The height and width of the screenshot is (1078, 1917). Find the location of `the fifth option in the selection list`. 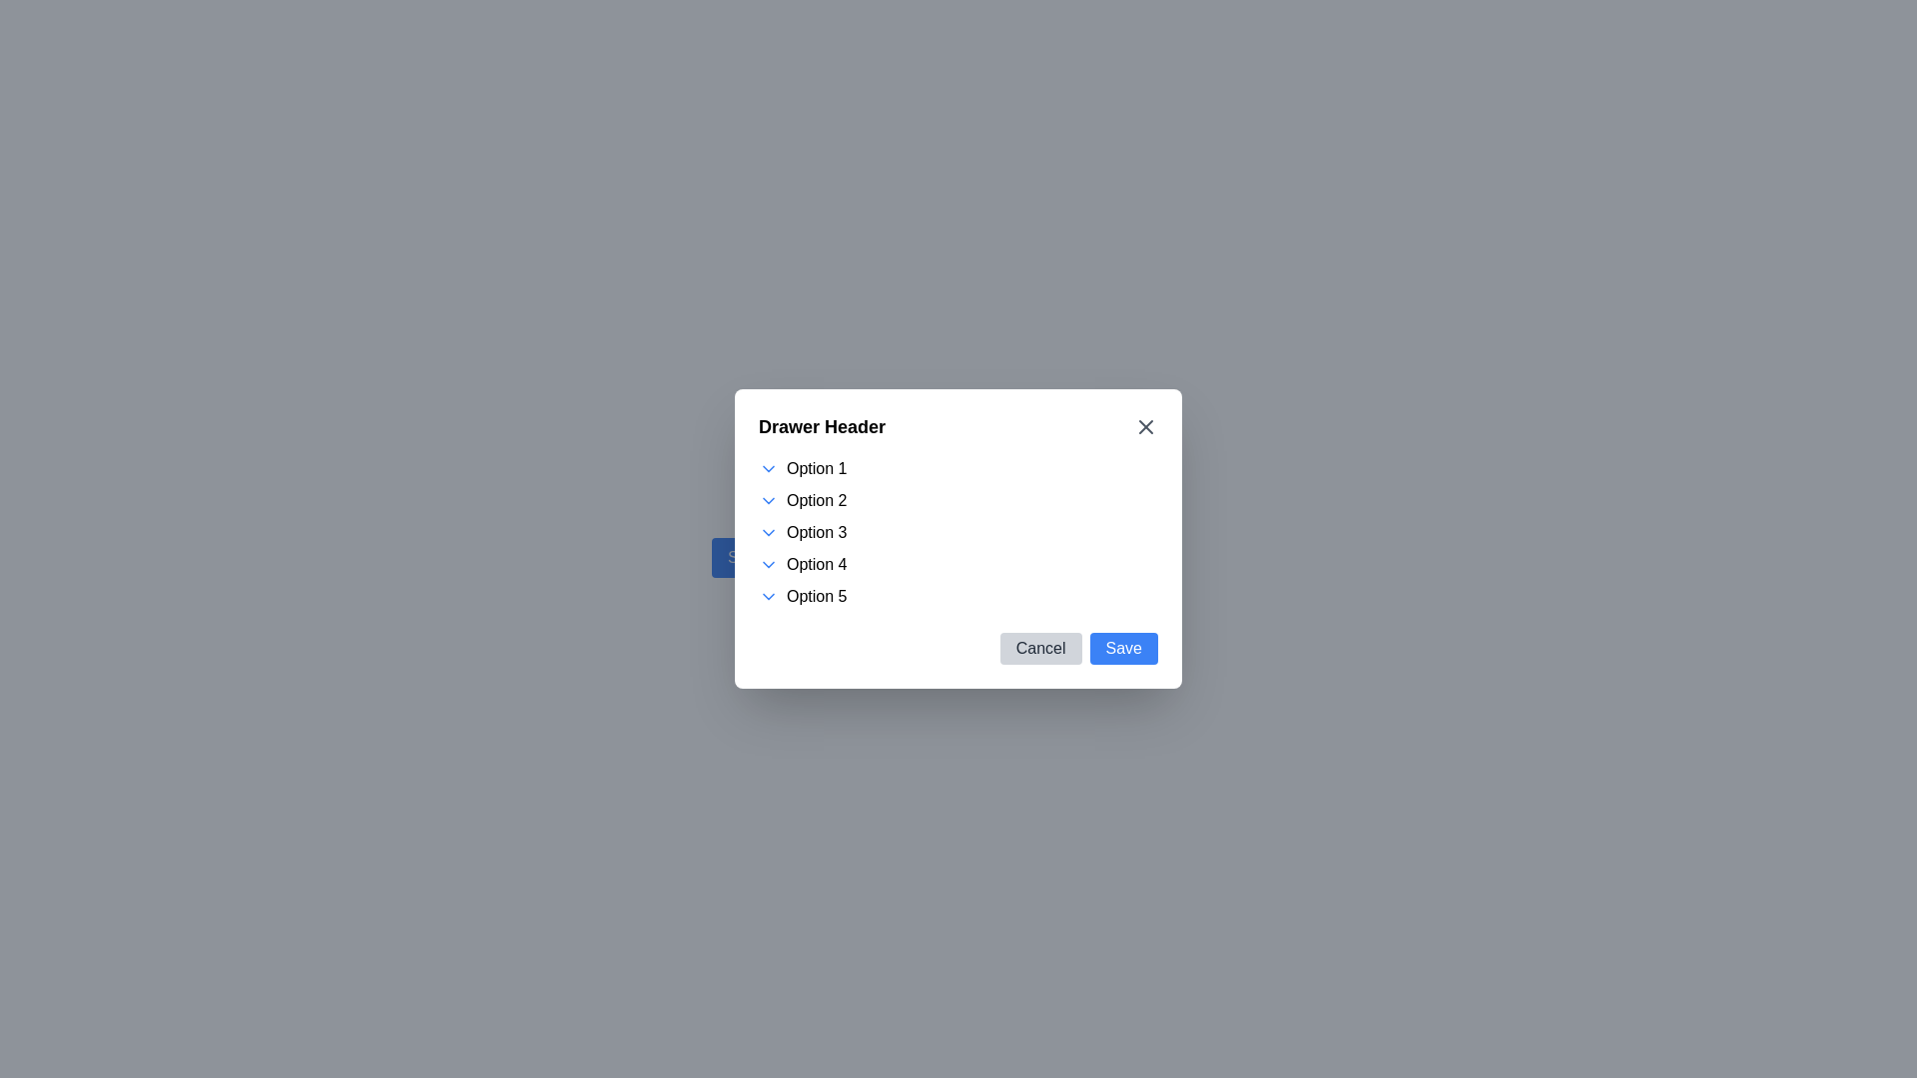

the fifth option in the selection list is located at coordinates (958, 595).